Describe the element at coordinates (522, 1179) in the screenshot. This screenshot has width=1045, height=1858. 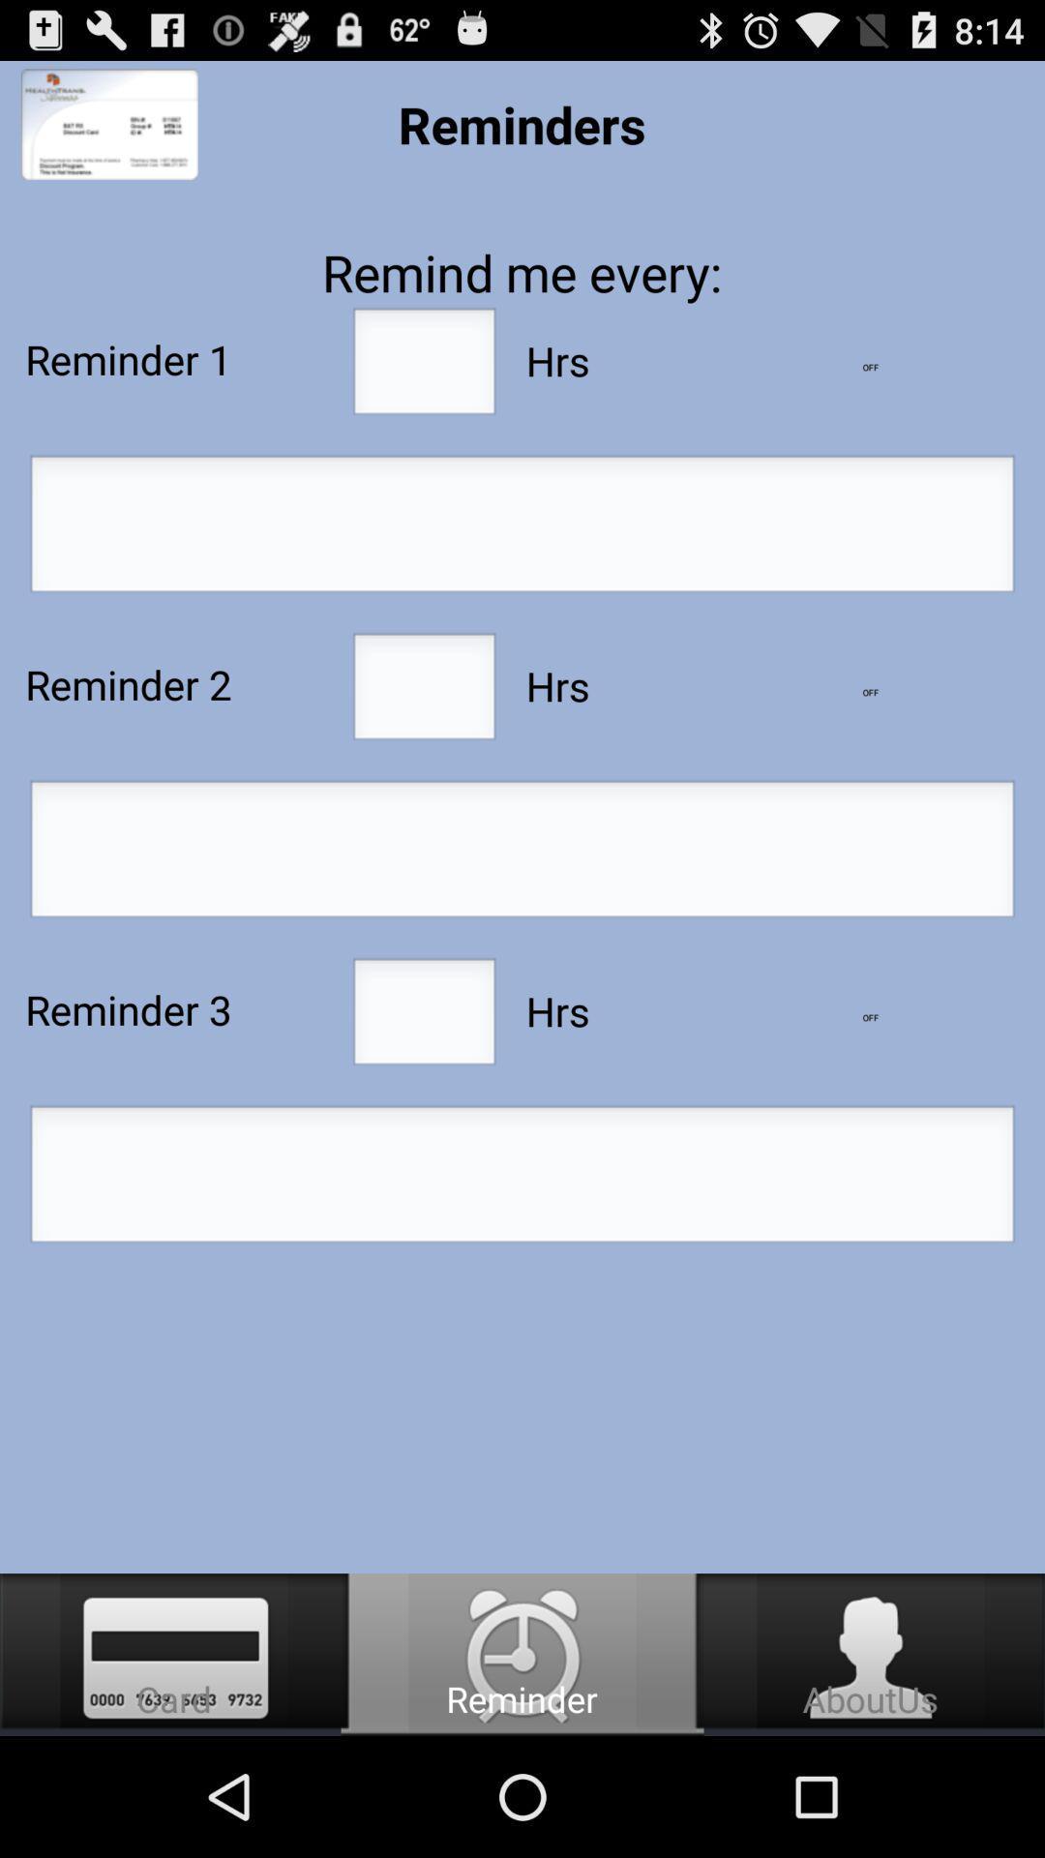
I see `notes to remember` at that location.